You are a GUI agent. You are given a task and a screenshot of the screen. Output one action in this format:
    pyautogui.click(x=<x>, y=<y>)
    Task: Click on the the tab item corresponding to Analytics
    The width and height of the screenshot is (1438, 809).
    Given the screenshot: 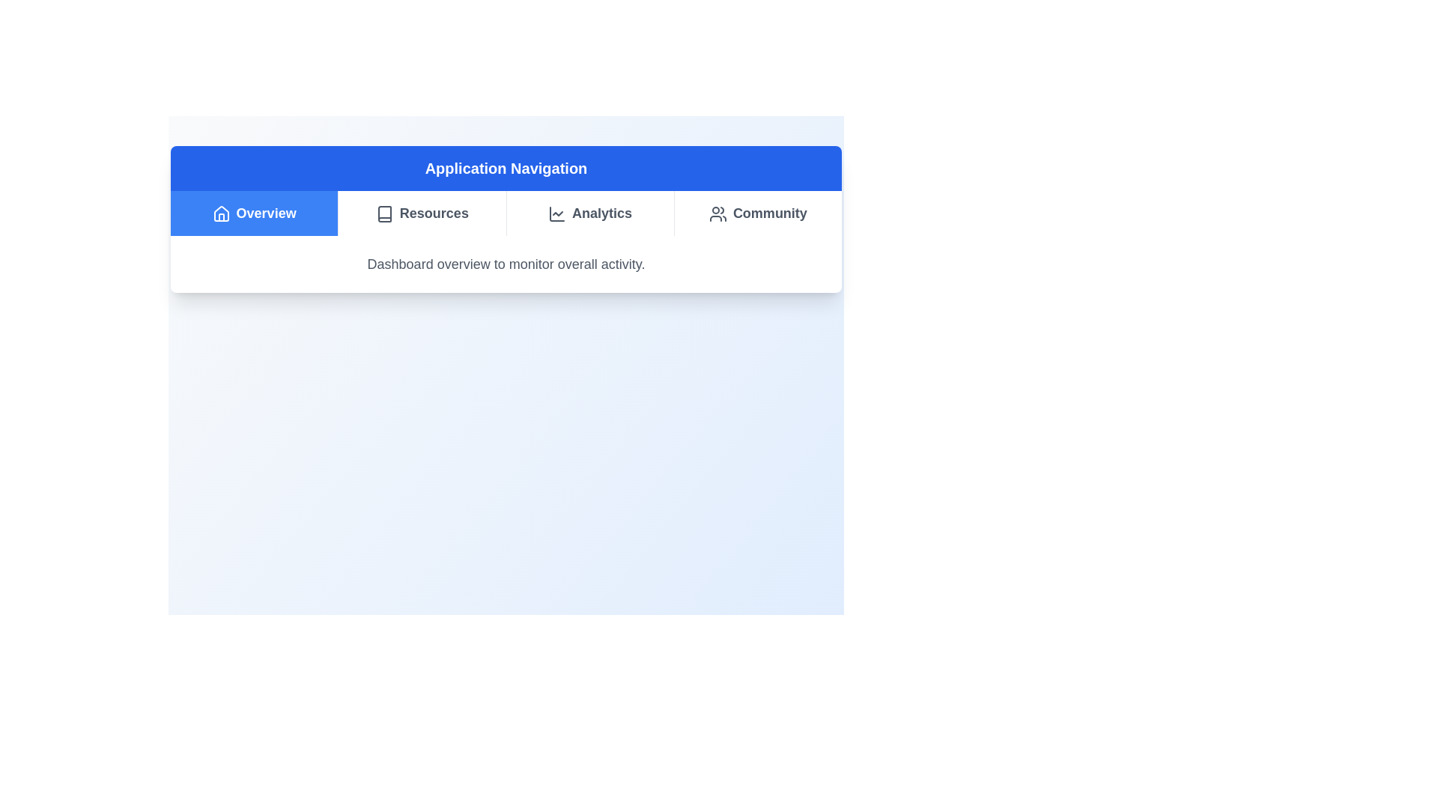 What is the action you would take?
    pyautogui.click(x=589, y=213)
    